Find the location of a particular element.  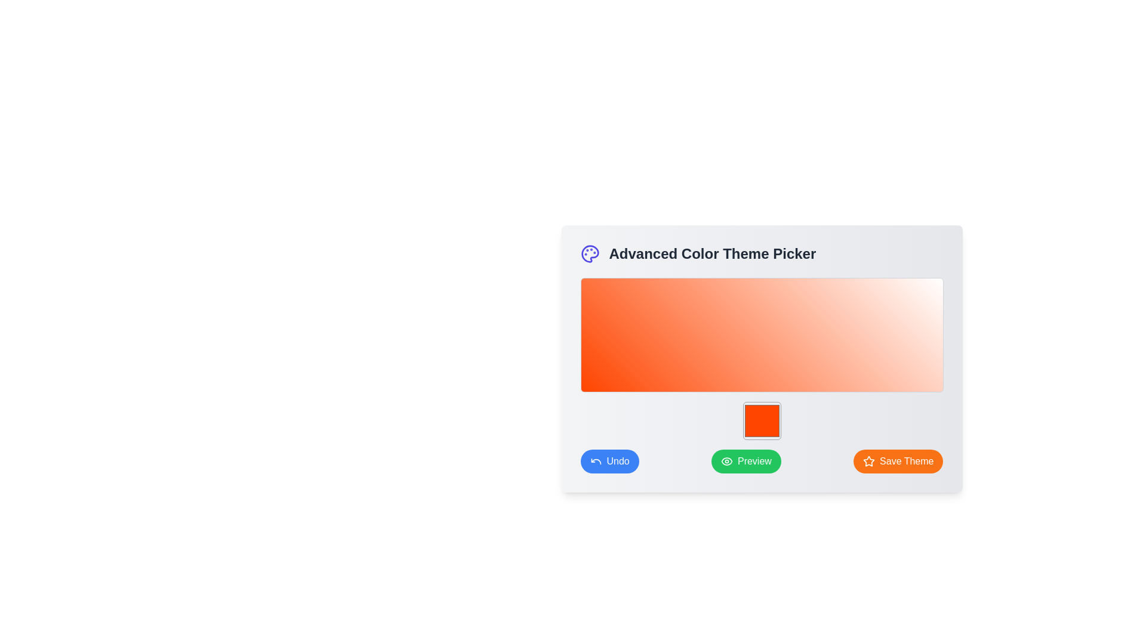

the Gradient Display Area located in the Advanced Color Theme Picker panel, which serves for theme selection or previewing is located at coordinates (761, 335).